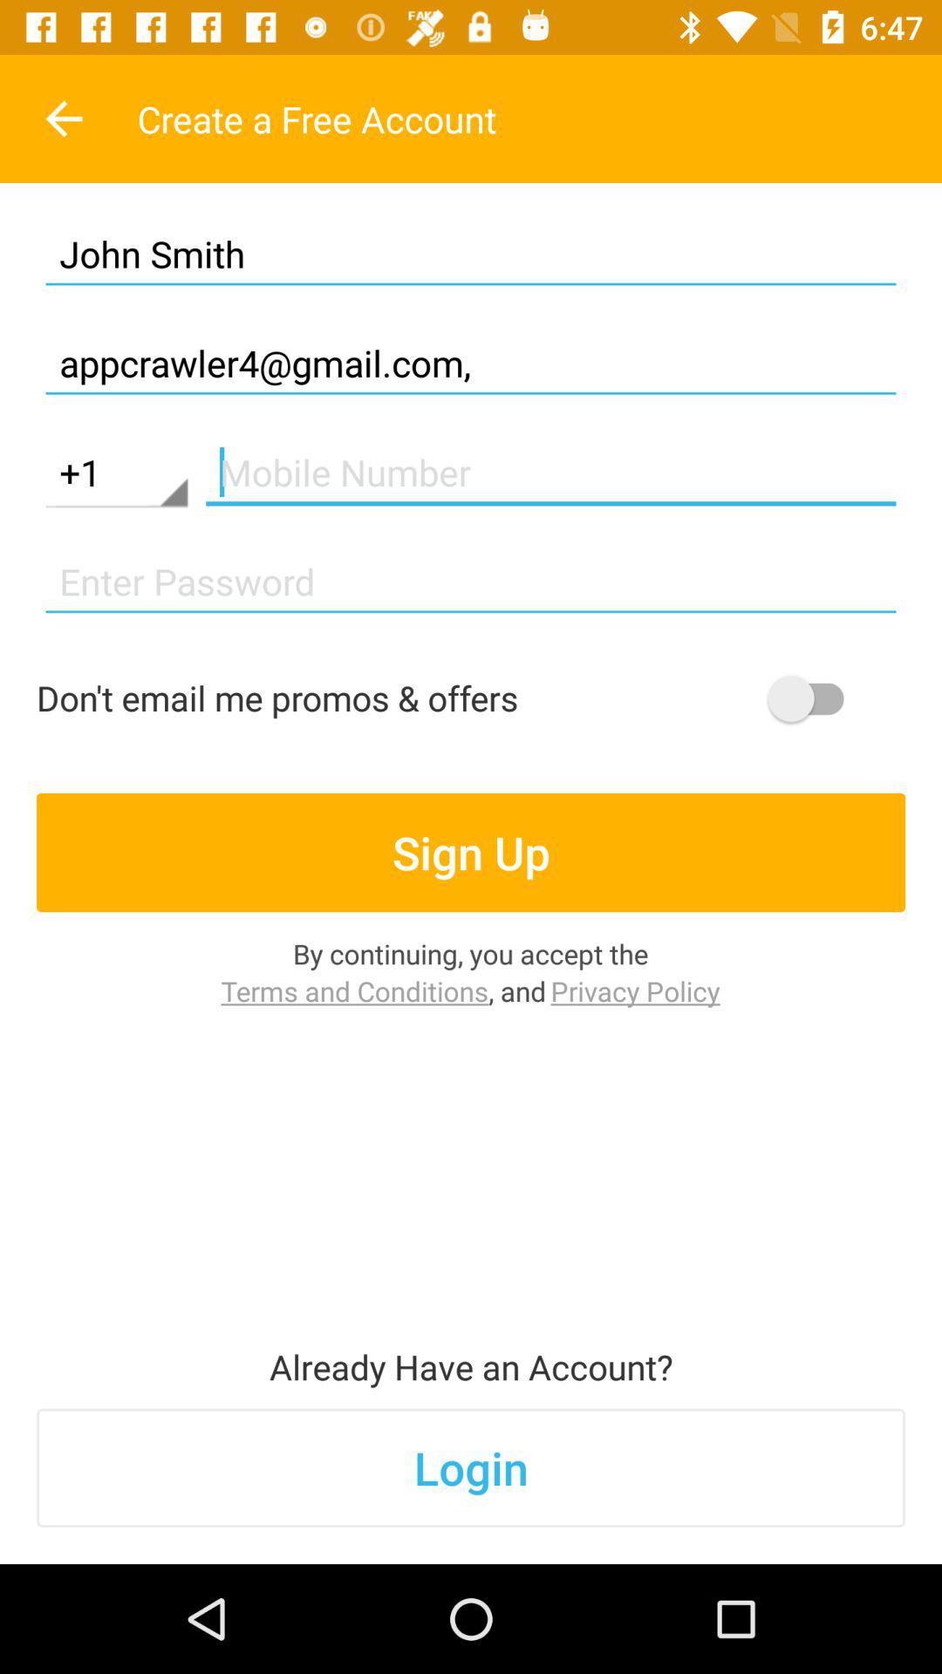 This screenshot has height=1674, width=942. What do you see at coordinates (550, 473) in the screenshot?
I see `my number` at bounding box center [550, 473].